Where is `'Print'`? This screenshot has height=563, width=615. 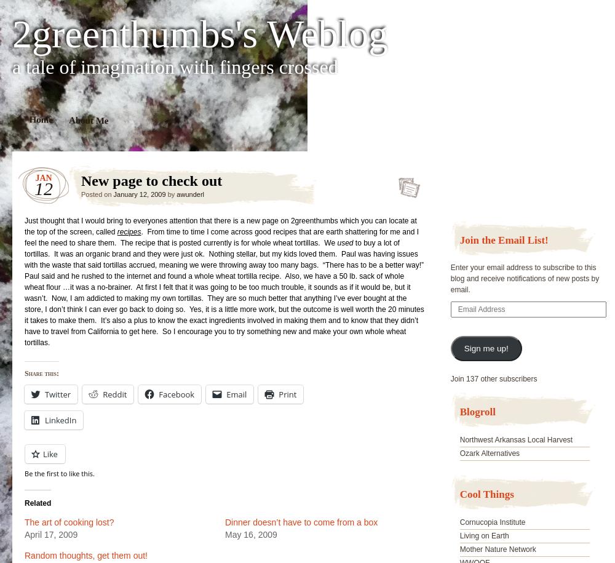
'Print' is located at coordinates (287, 394).